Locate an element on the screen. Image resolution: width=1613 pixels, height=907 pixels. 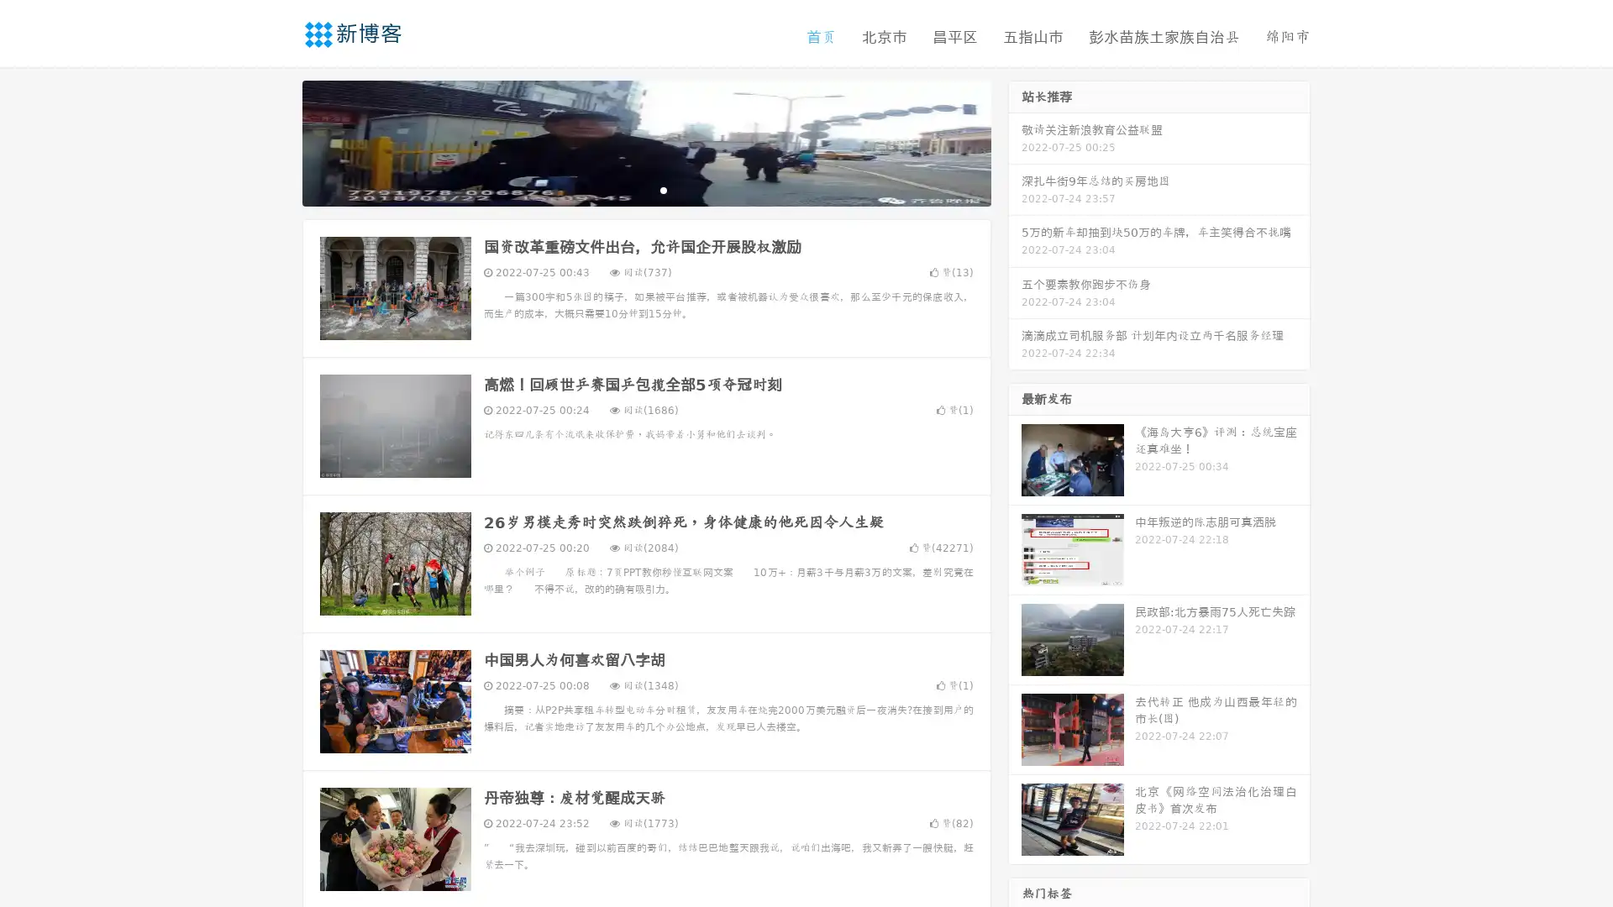
Previous slide is located at coordinates (277, 141).